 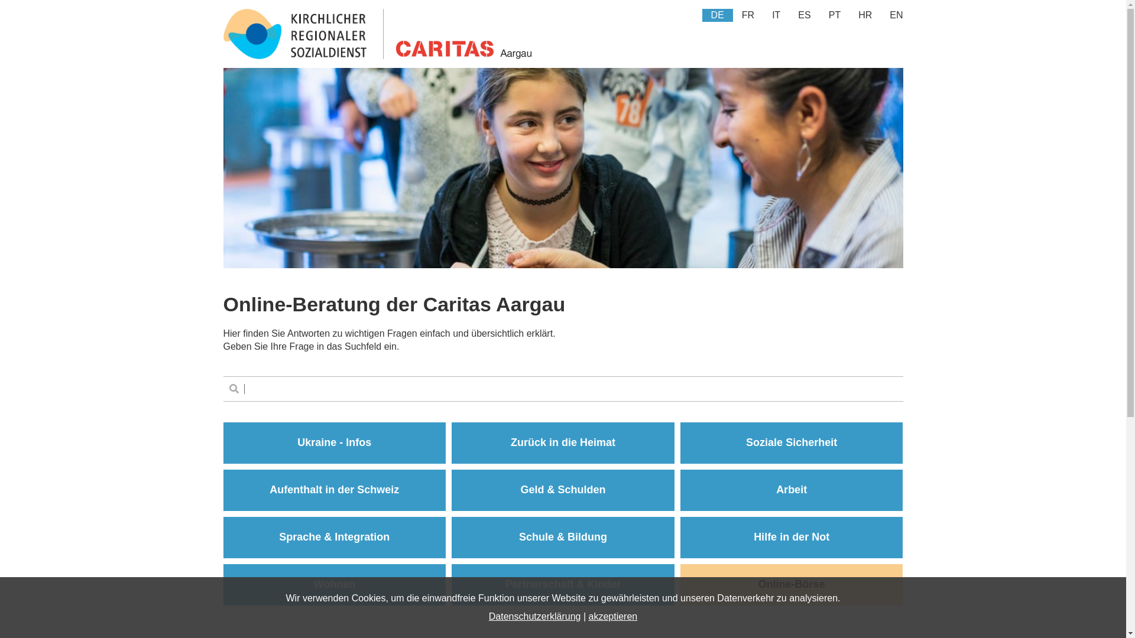 I want to click on 'Arbeit', so click(x=792, y=490).